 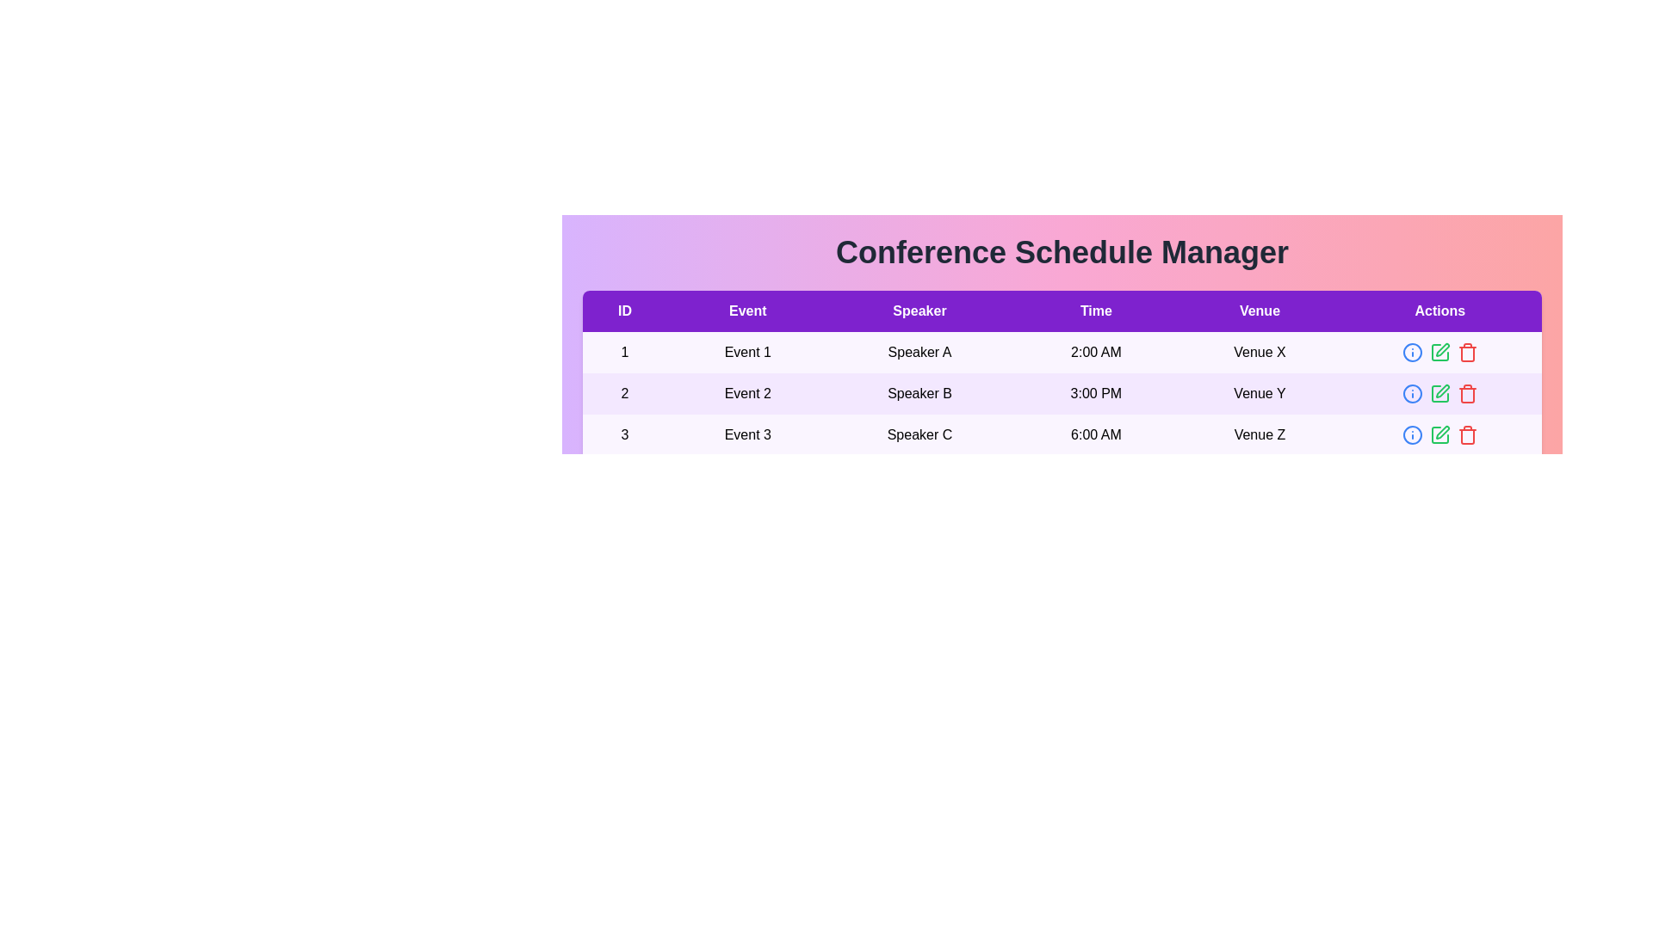 What do you see at coordinates (747, 311) in the screenshot?
I see `the column header to sort the table by Event` at bounding box center [747, 311].